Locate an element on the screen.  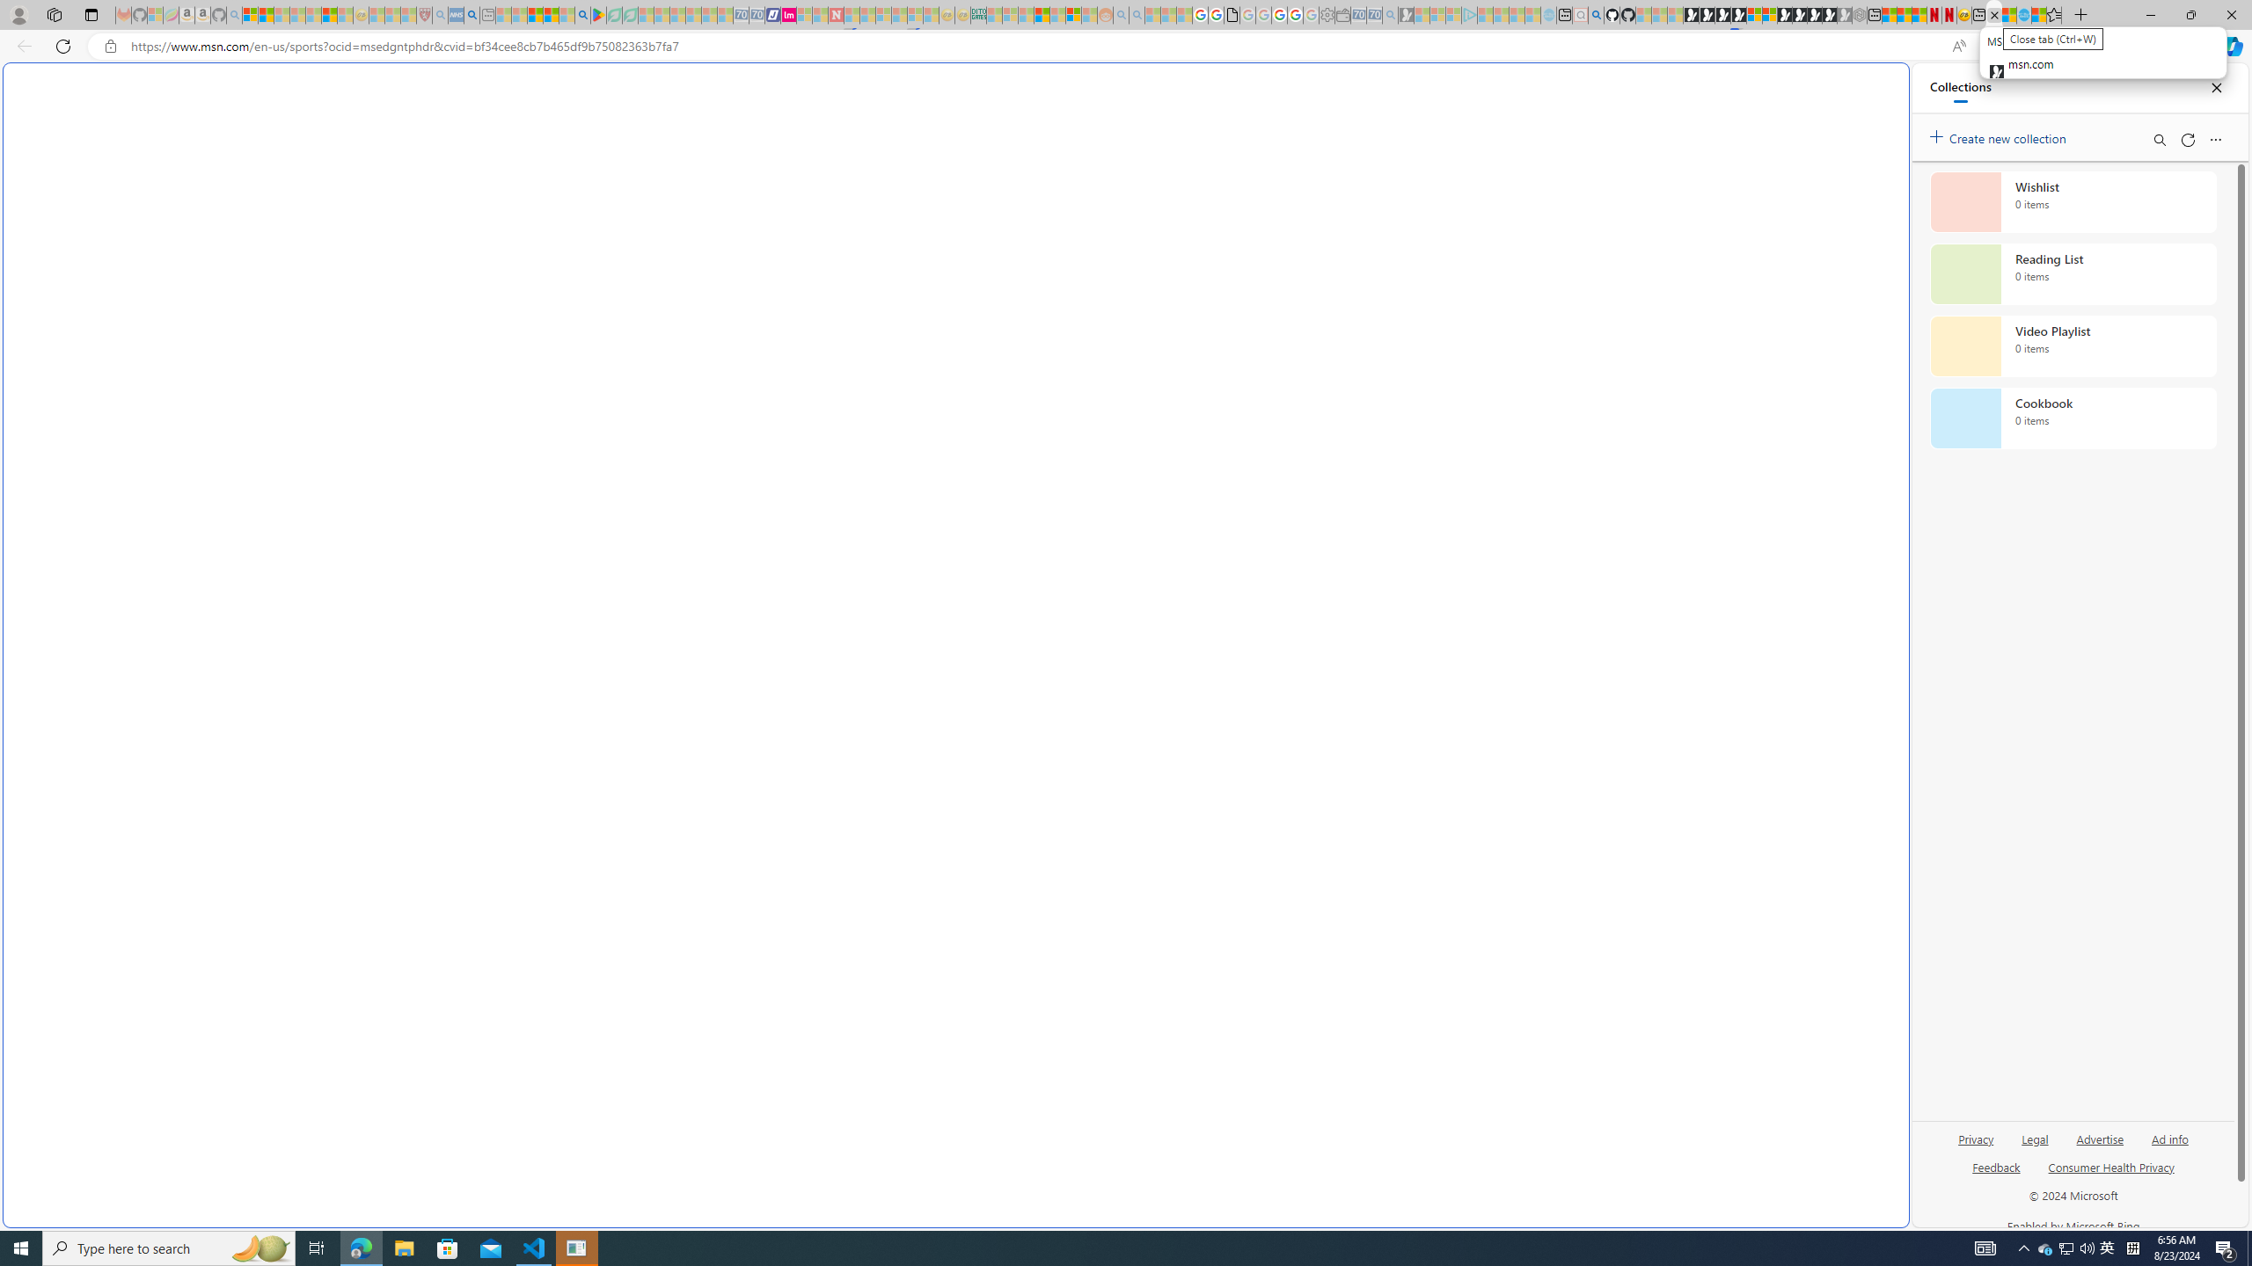
'Jobs - lastminute.com Investor Portal' is located at coordinates (788, 14).